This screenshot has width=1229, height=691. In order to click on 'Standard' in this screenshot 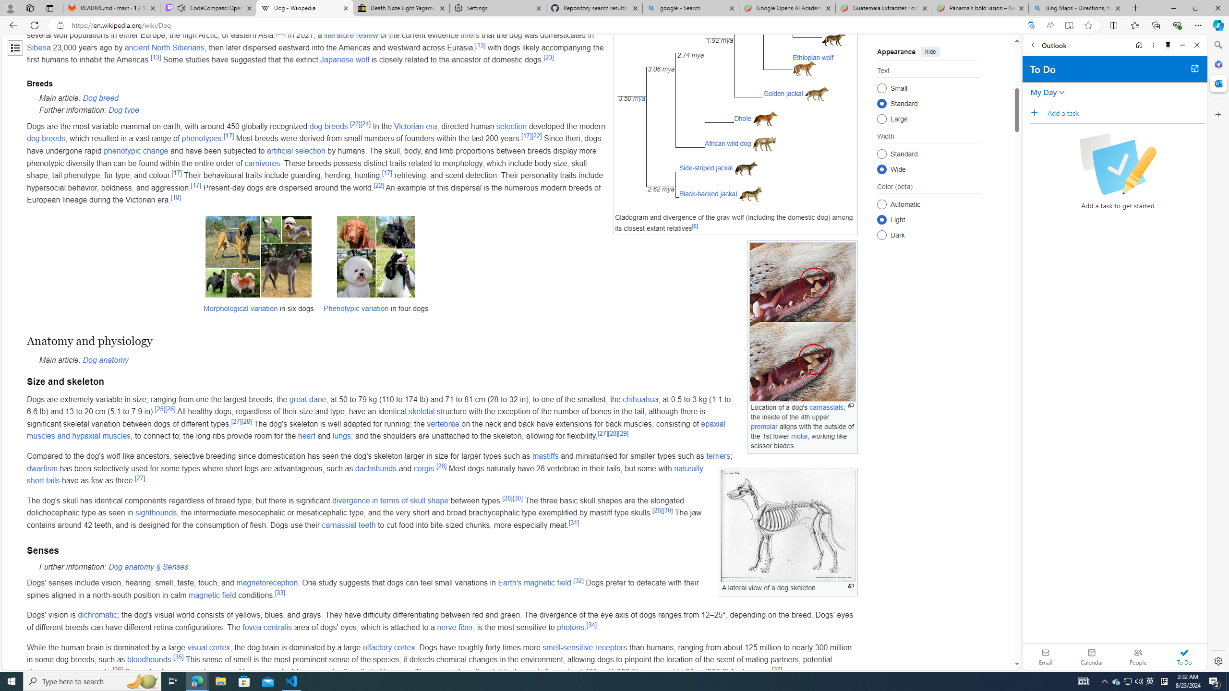, I will do `click(881, 153)`.